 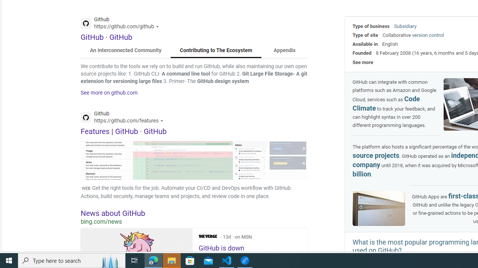 What do you see at coordinates (365, 44) in the screenshot?
I see `'Available in'` at bounding box center [365, 44].